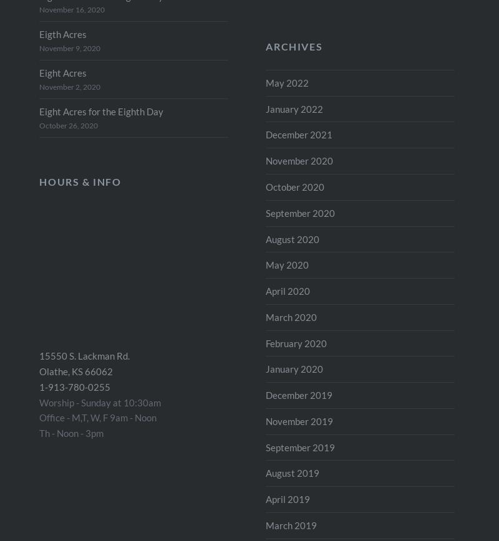 The image size is (499, 541). Describe the element at coordinates (97, 418) in the screenshot. I see `'Office - M,T, W, F 9am - Noon'` at that location.